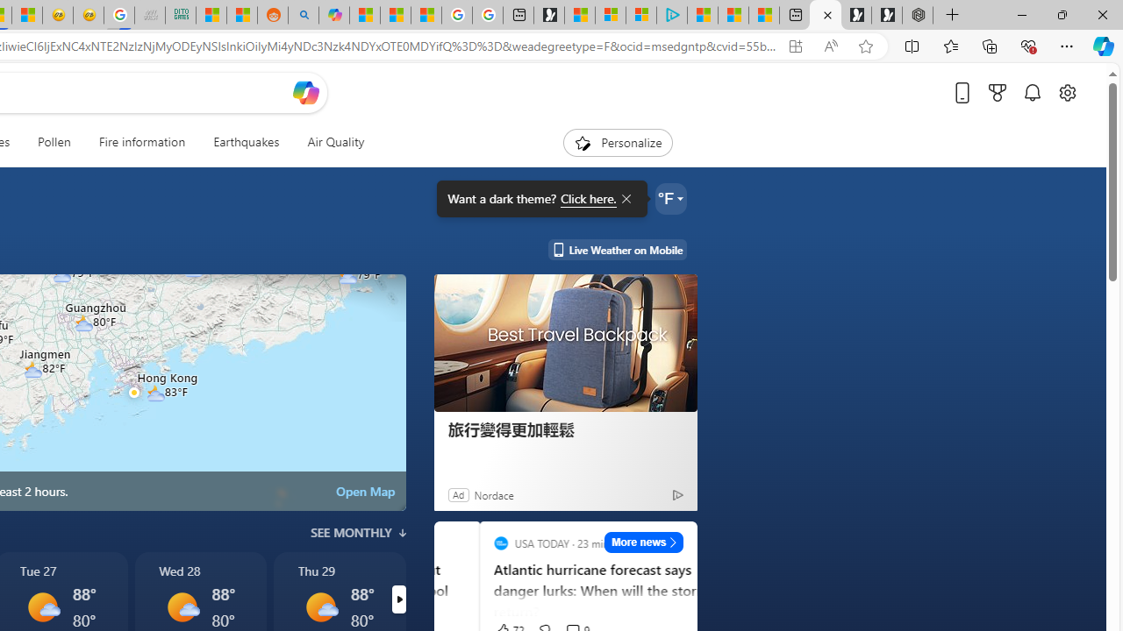 Image resolution: width=1123 pixels, height=631 pixels. I want to click on 'Open settings', so click(1066, 92).